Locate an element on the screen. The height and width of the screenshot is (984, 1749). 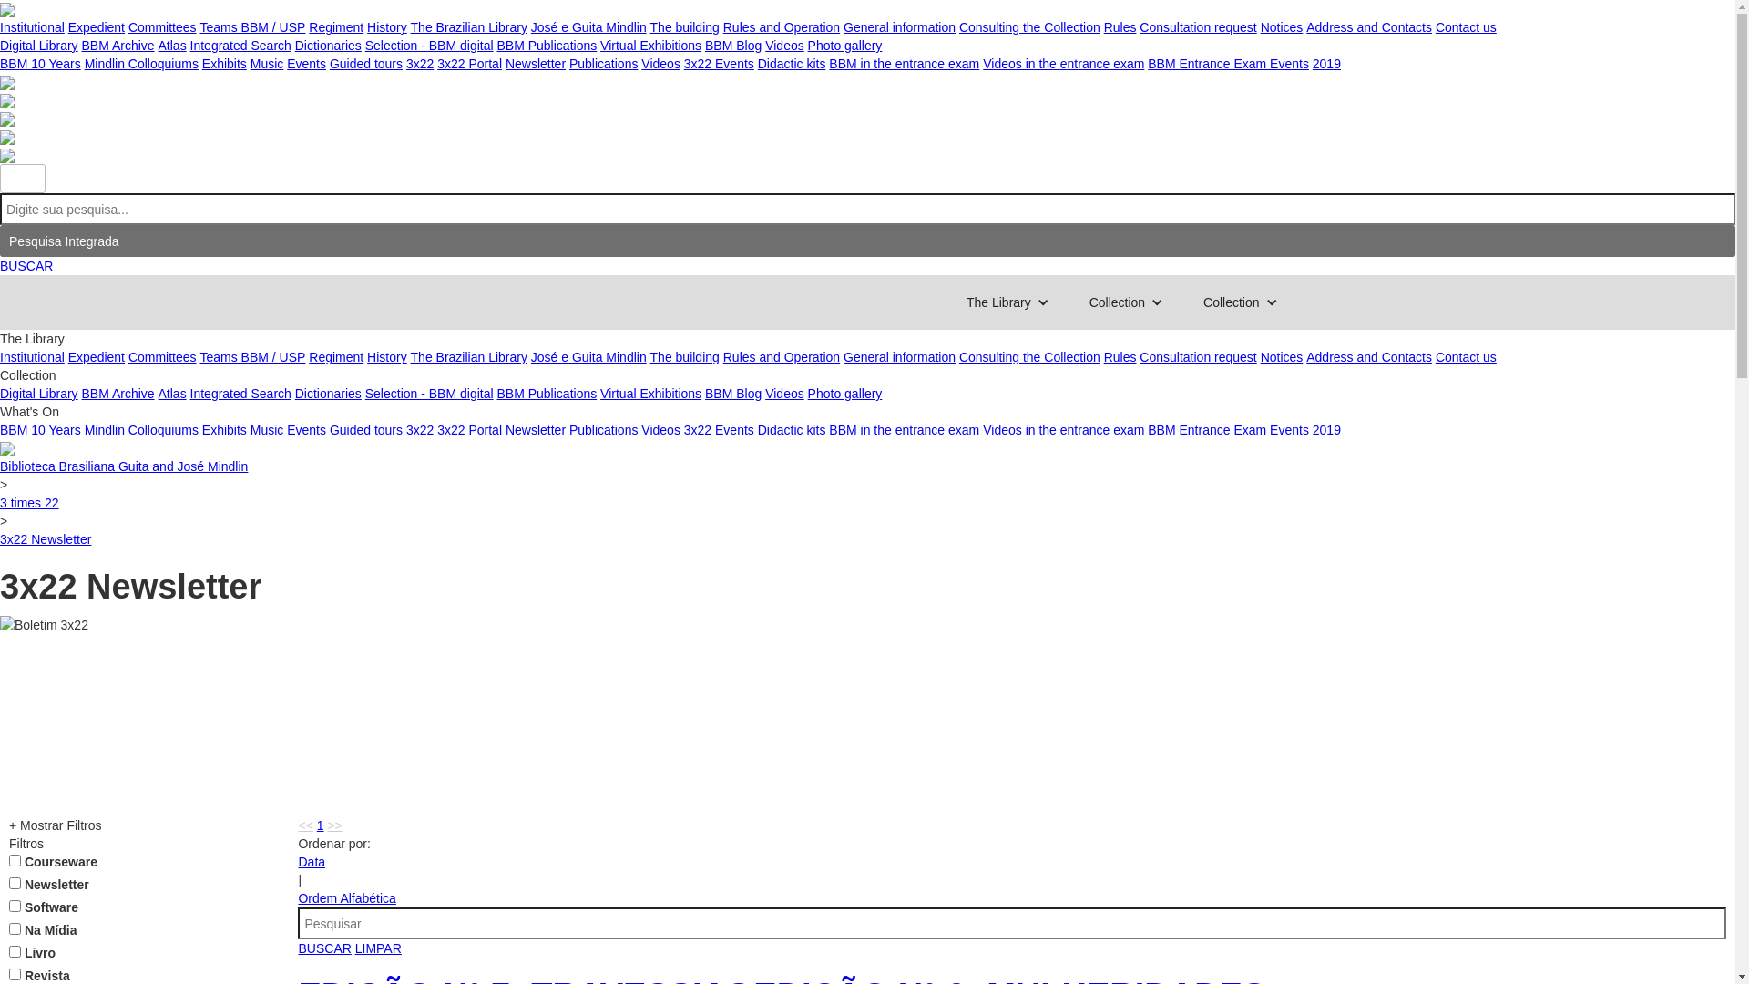
'Virtual Exhibitions' is located at coordinates (599, 45).